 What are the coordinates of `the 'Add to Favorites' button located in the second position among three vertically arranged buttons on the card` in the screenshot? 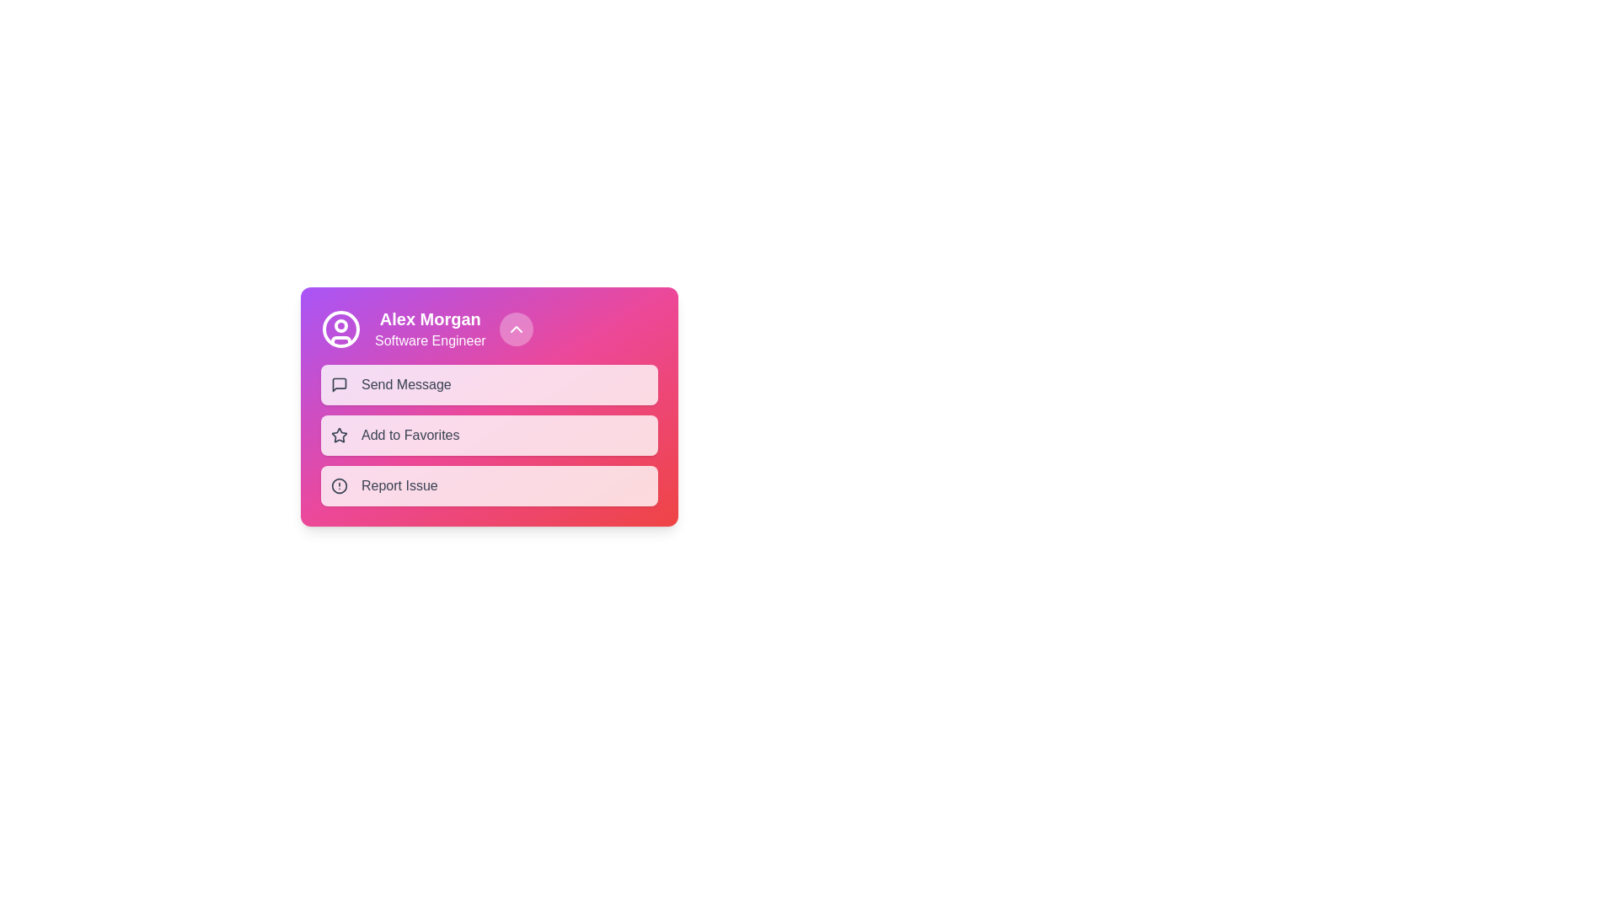 It's located at (488, 434).